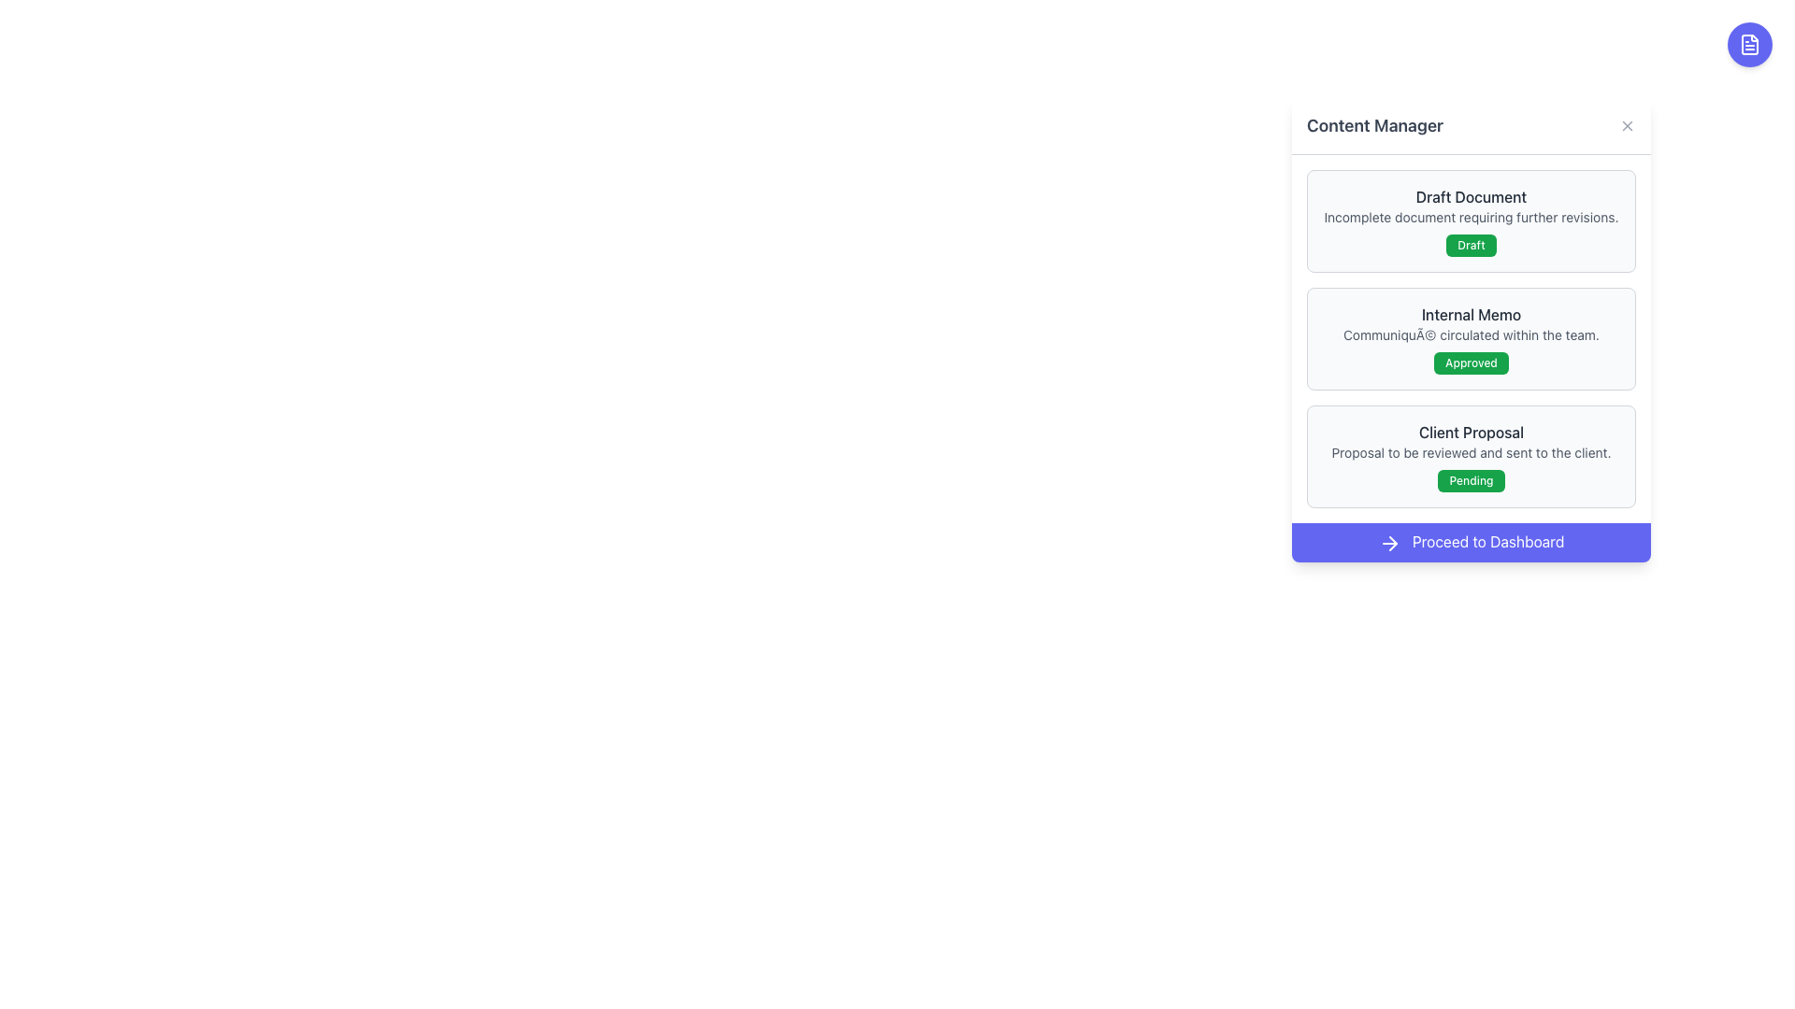 The height and width of the screenshot is (1009, 1795). What do you see at coordinates (1749, 43) in the screenshot?
I see `the file icon with text lines inside, which is located centrally within a circular purple button at the top-right corner of the interface` at bounding box center [1749, 43].